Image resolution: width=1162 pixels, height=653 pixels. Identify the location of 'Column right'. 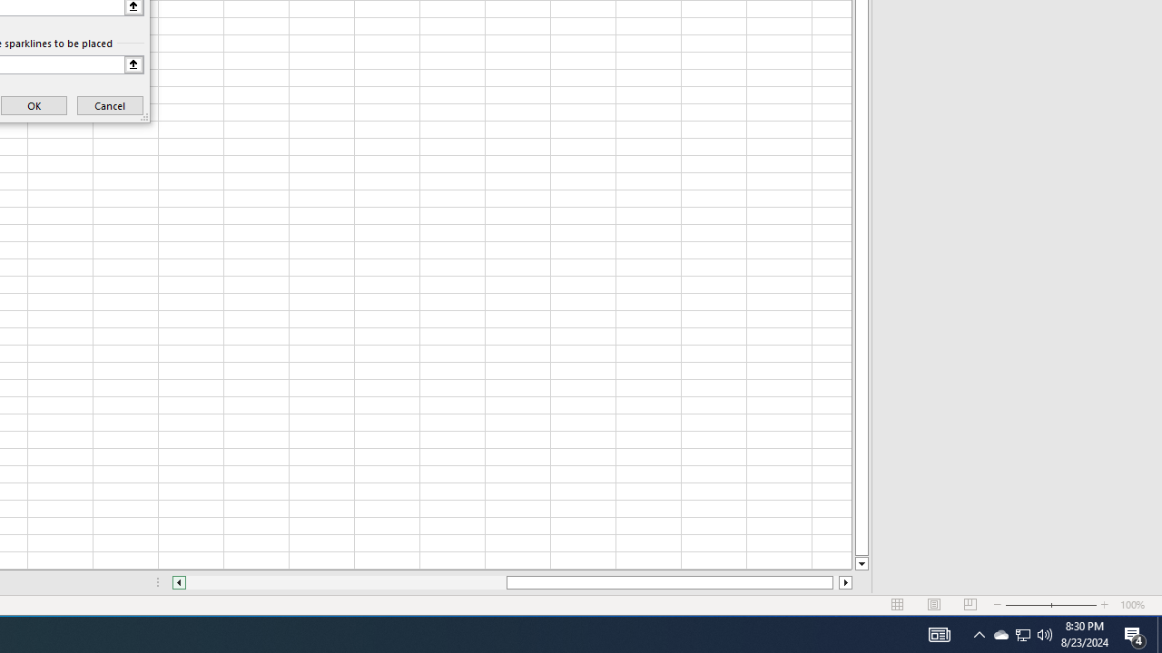
(845, 582).